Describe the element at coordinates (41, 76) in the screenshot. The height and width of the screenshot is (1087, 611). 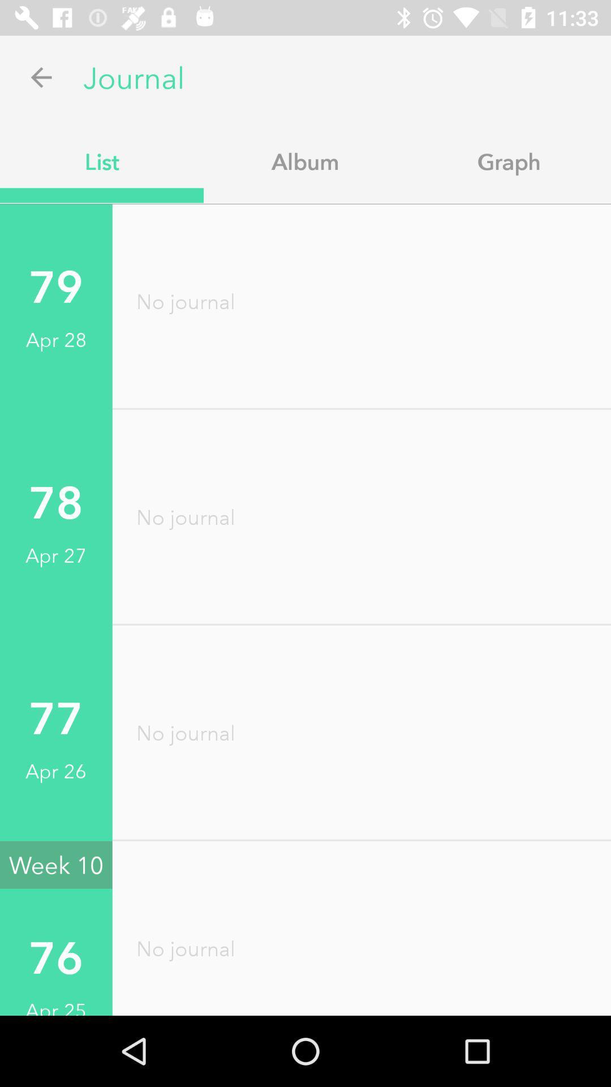
I see `icon next to the journal item` at that location.